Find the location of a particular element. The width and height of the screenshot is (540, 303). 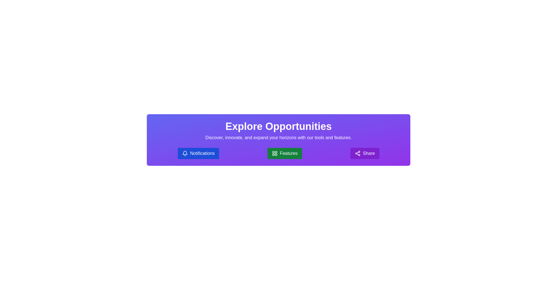

the leftmost button labeled 'Notifications' is located at coordinates (198, 153).